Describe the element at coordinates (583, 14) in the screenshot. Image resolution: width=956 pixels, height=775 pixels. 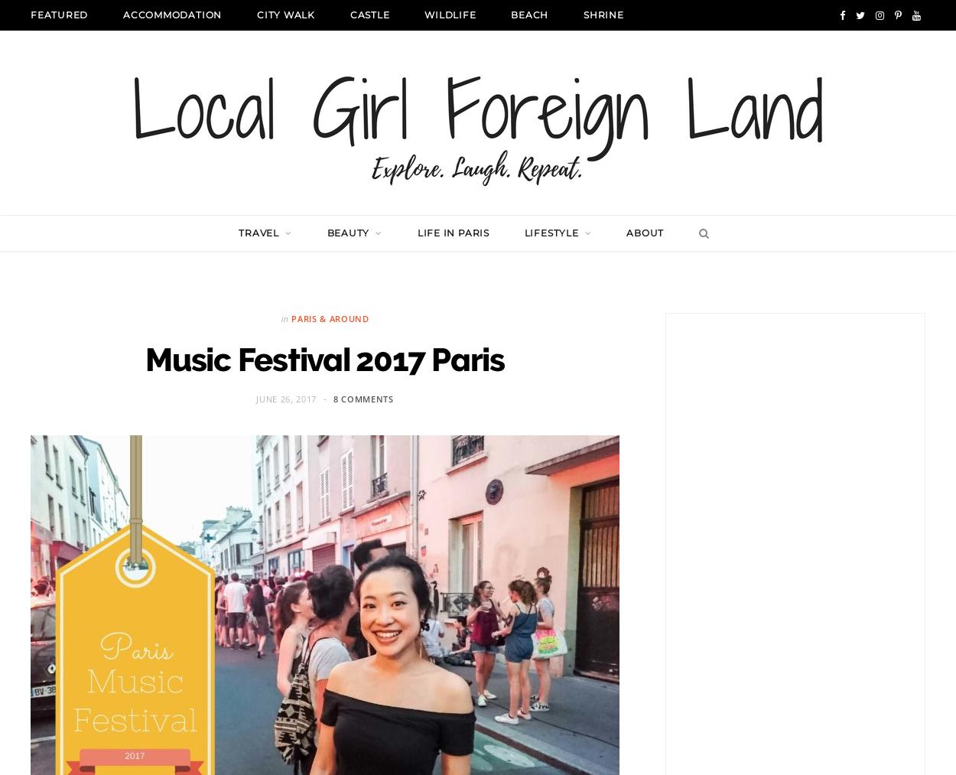
I see `'Shrine'` at that location.